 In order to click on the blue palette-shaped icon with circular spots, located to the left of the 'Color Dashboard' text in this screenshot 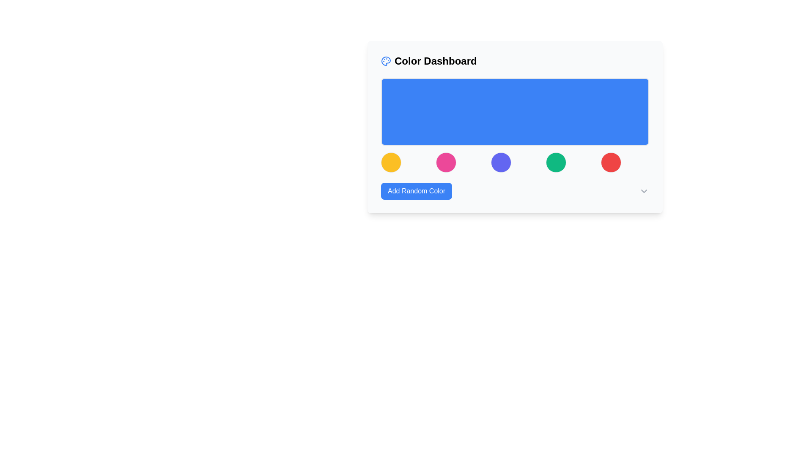, I will do `click(385, 61)`.